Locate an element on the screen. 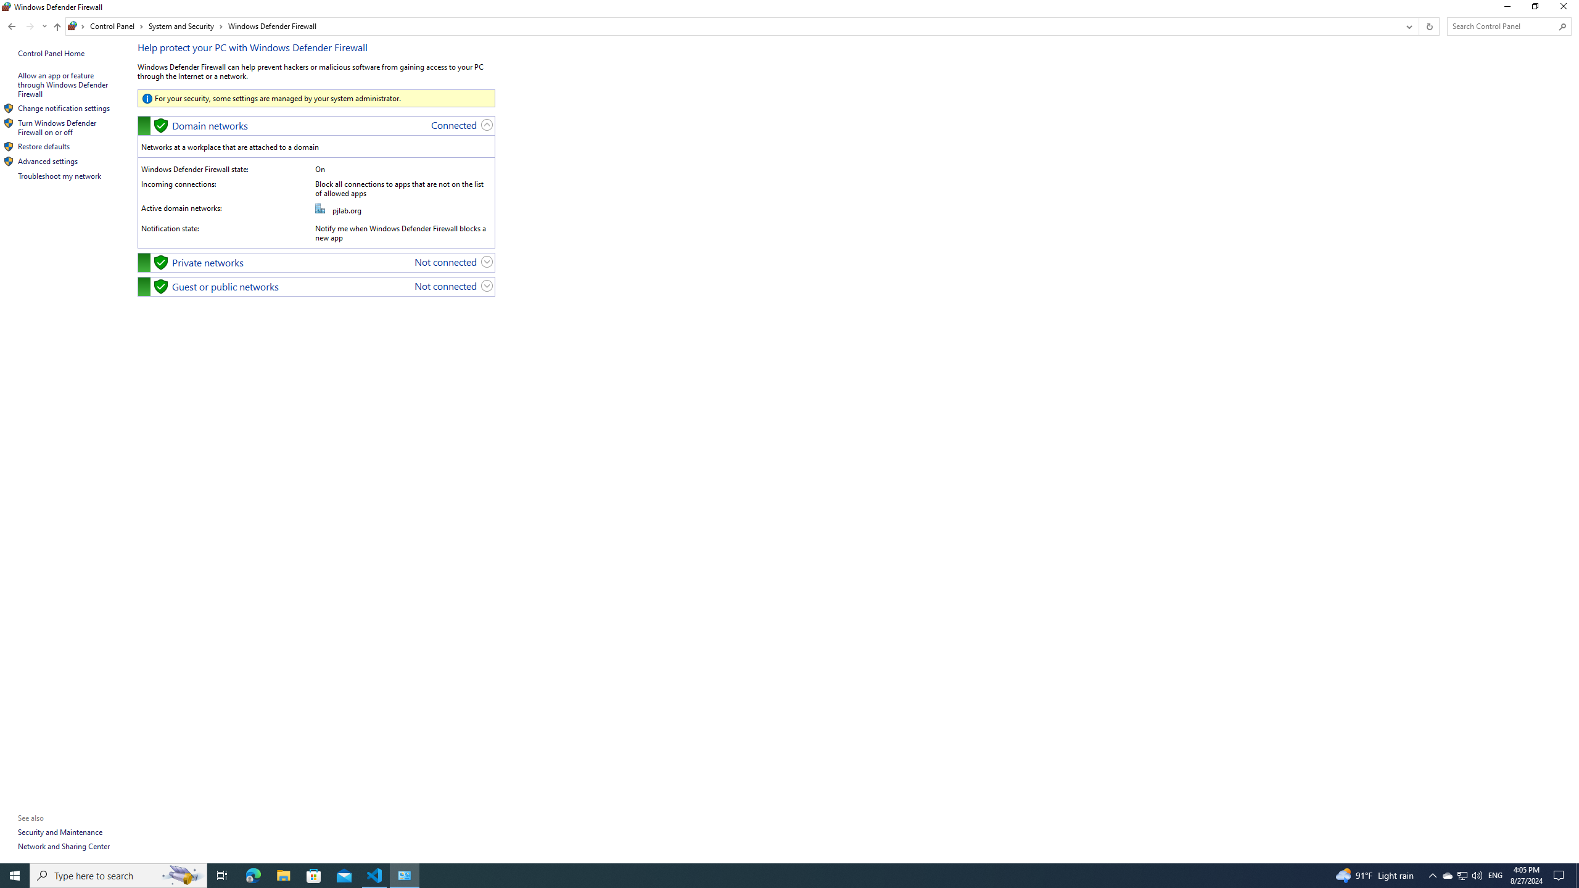  'Previous Locations' is located at coordinates (1408, 26).